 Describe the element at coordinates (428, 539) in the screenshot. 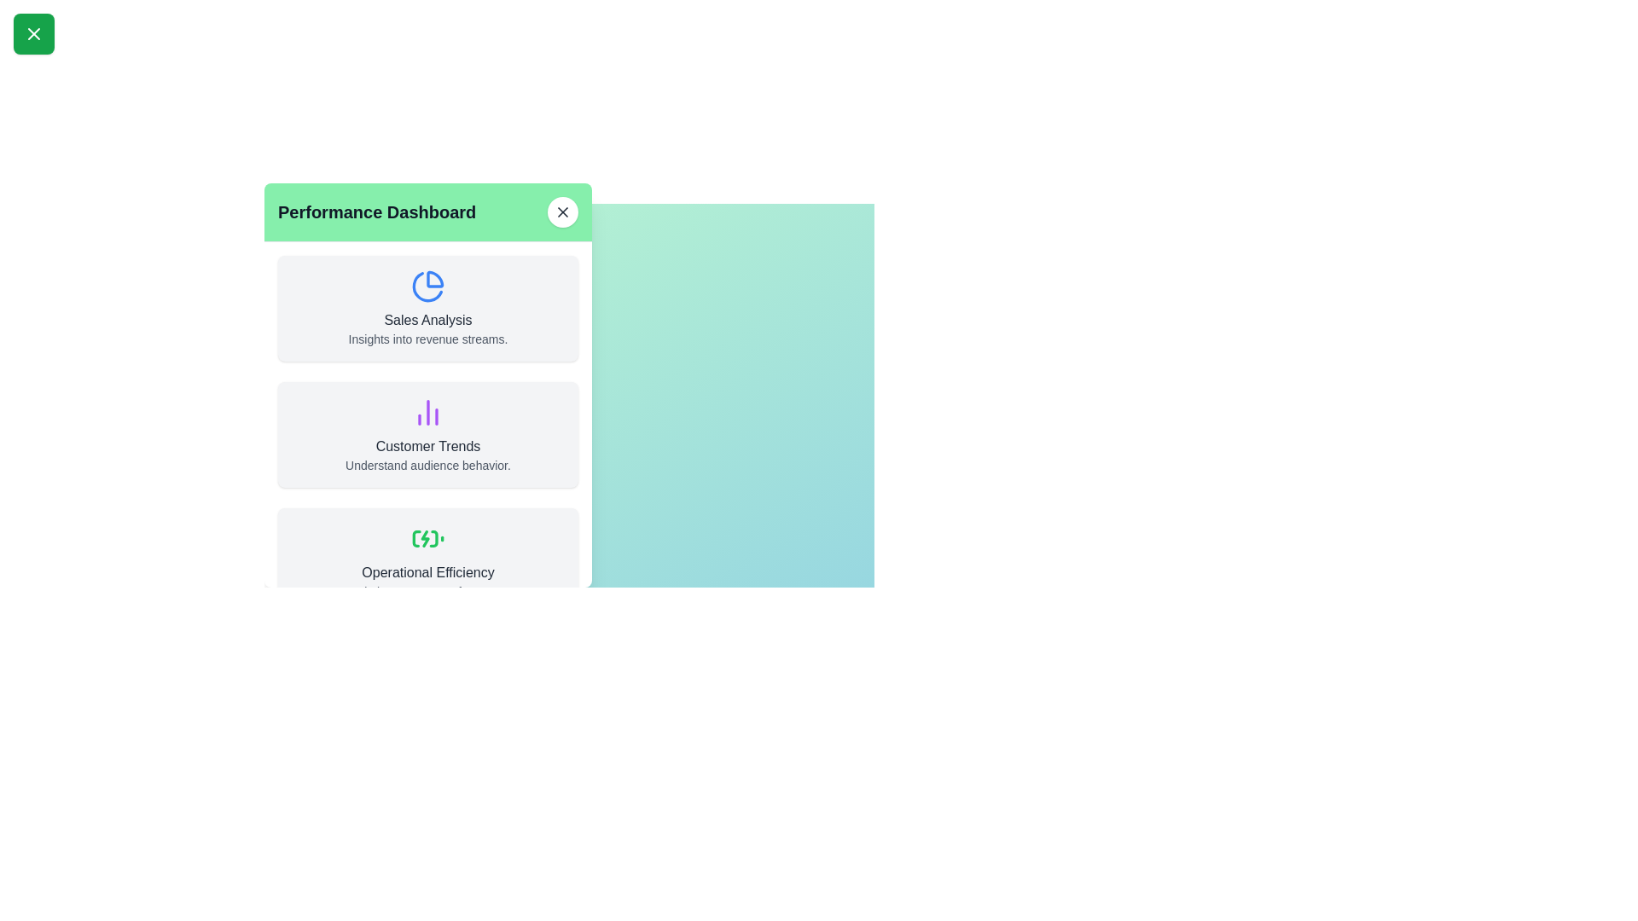

I see `the icon representing operational efficiency located in the third option labeled 'Operational Efficiency' within the 'Performance Dashboard' panel` at that location.